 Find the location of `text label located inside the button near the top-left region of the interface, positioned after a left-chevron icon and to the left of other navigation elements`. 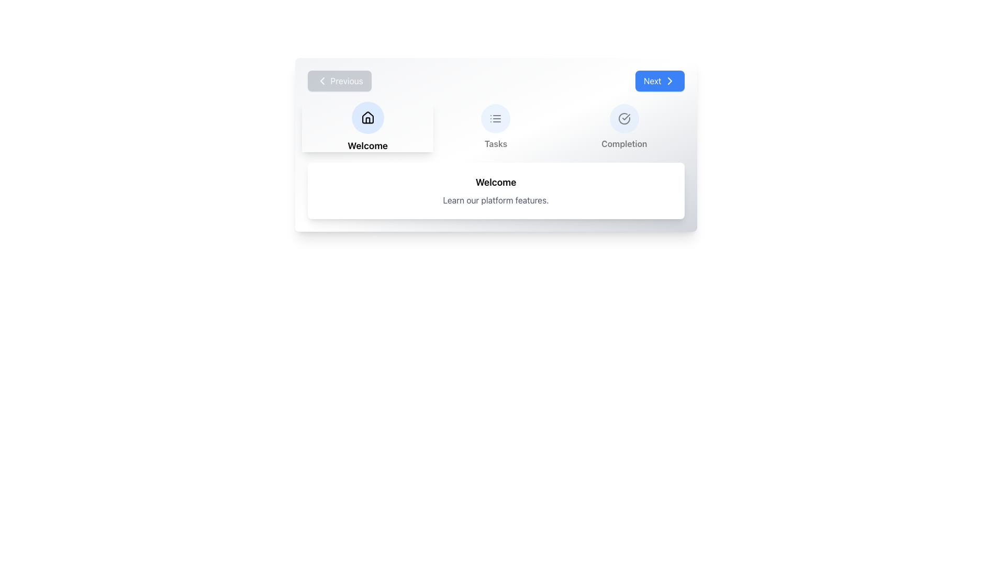

text label located inside the button near the top-left region of the interface, positioned after a left-chevron icon and to the left of other navigation elements is located at coordinates (347, 80).